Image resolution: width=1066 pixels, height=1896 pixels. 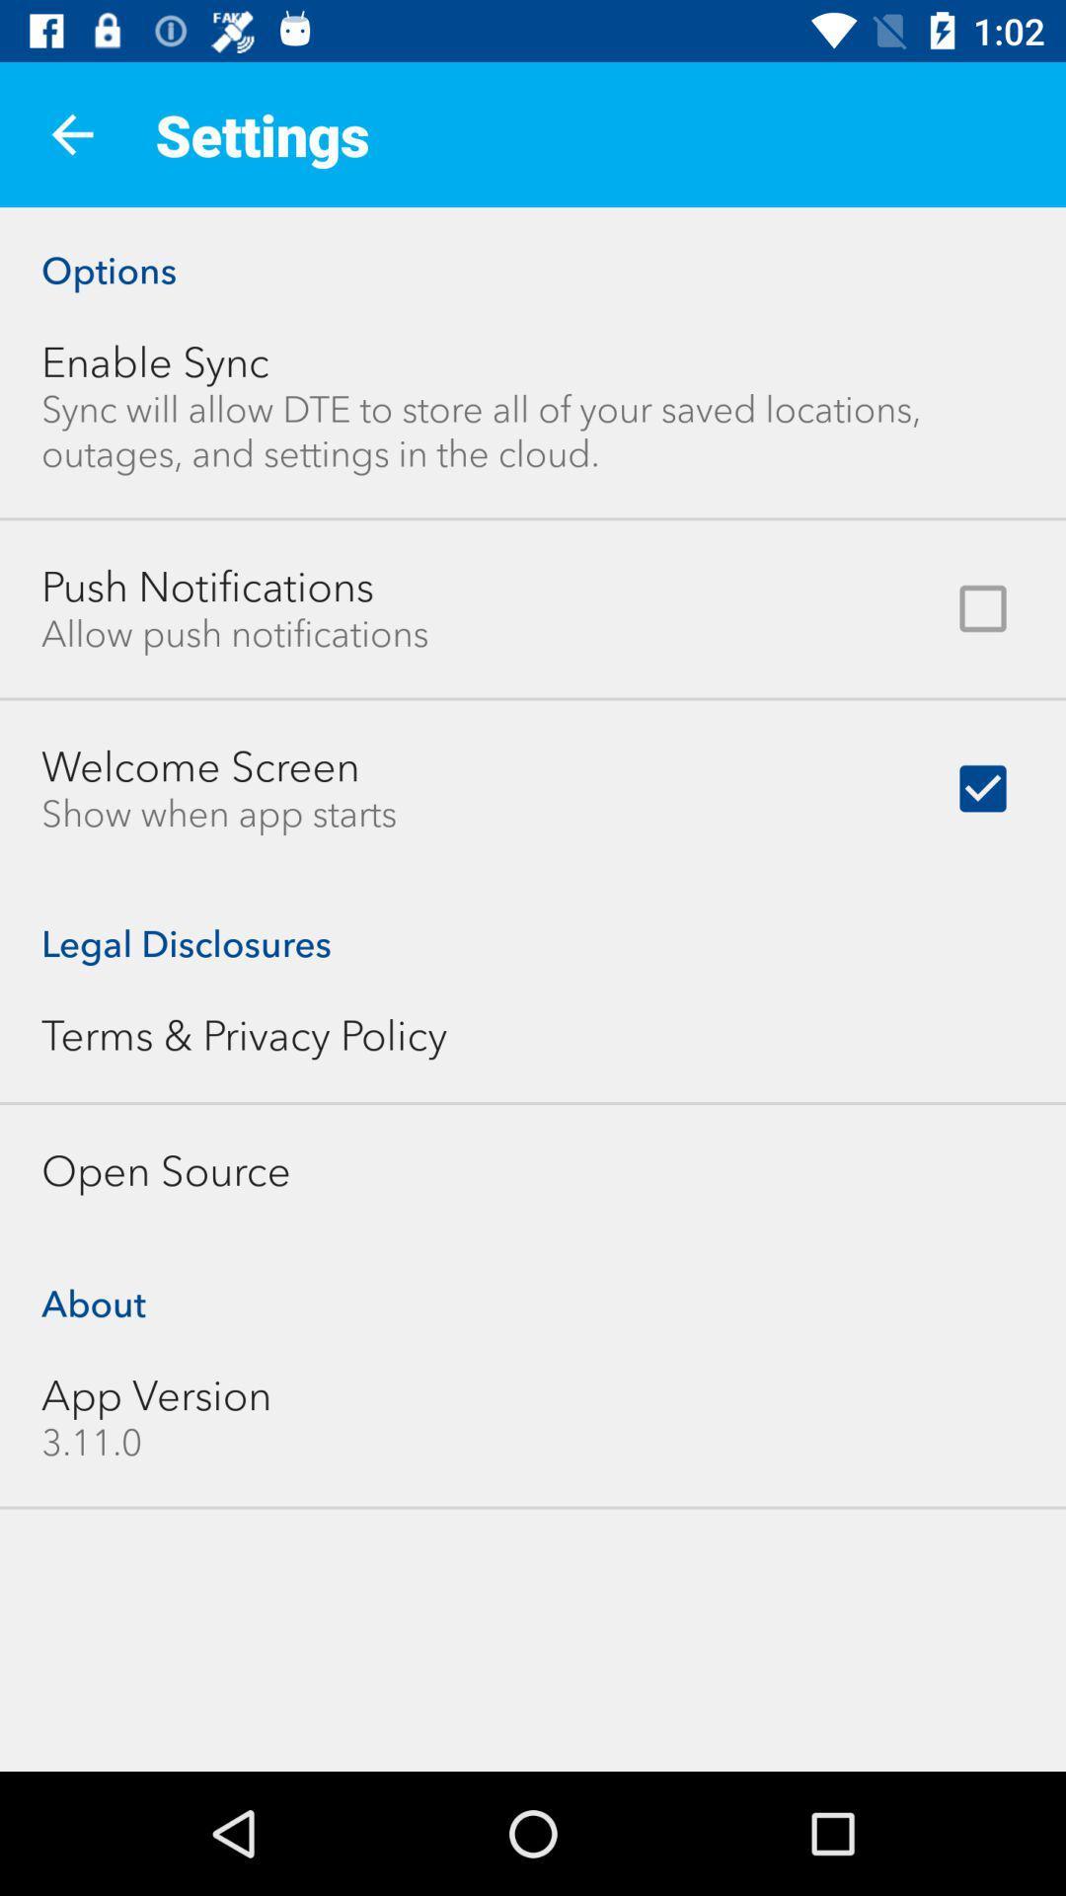 What do you see at coordinates (533, 1283) in the screenshot?
I see `icon below the open source icon` at bounding box center [533, 1283].